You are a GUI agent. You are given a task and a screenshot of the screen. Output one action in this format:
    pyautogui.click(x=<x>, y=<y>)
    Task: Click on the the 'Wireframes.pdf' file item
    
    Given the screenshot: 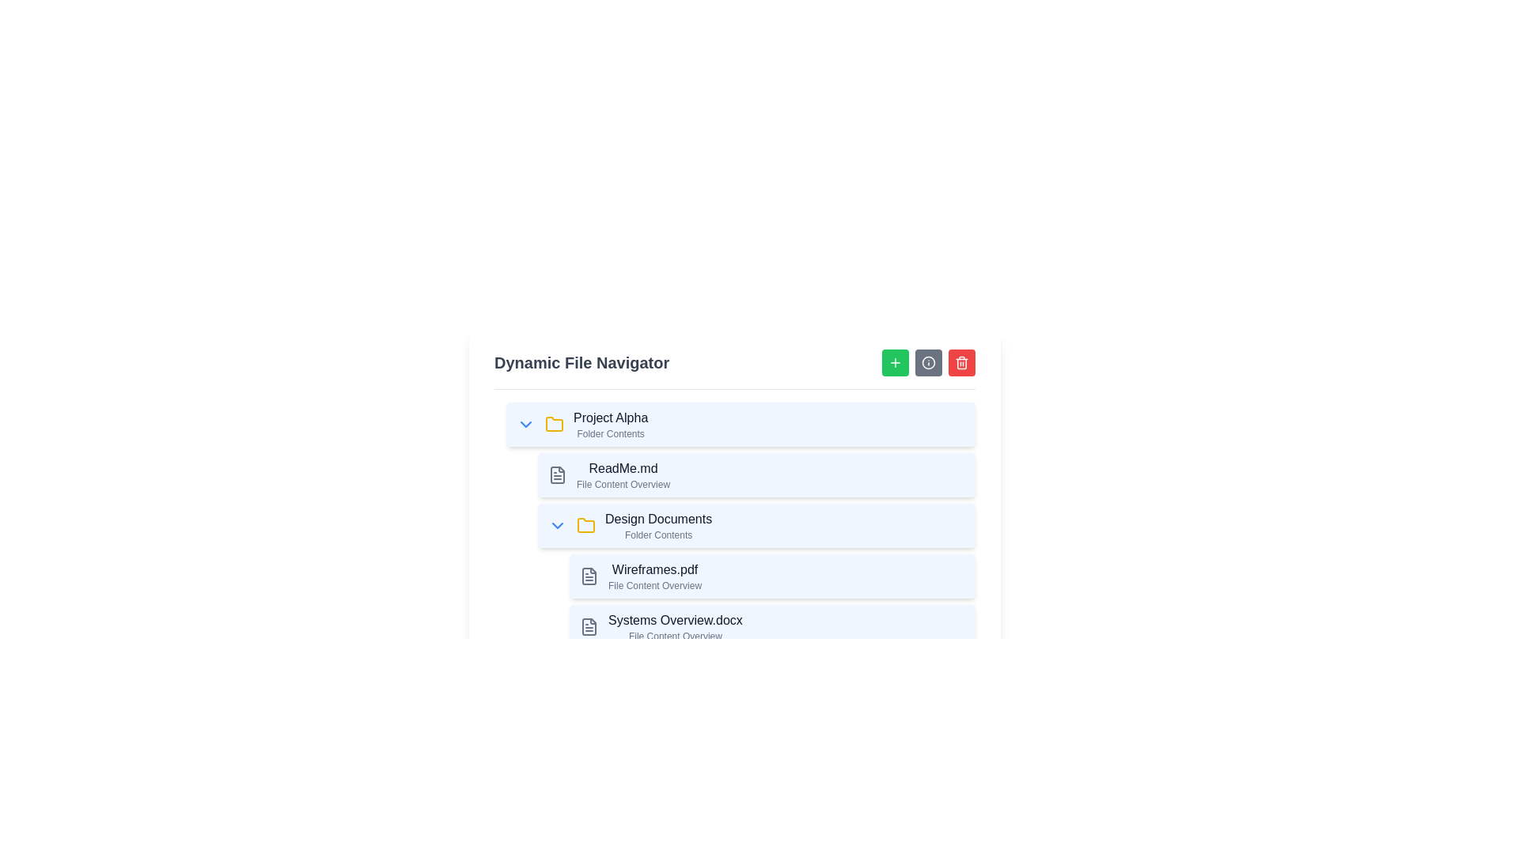 What is the action you would take?
    pyautogui.click(x=773, y=576)
    